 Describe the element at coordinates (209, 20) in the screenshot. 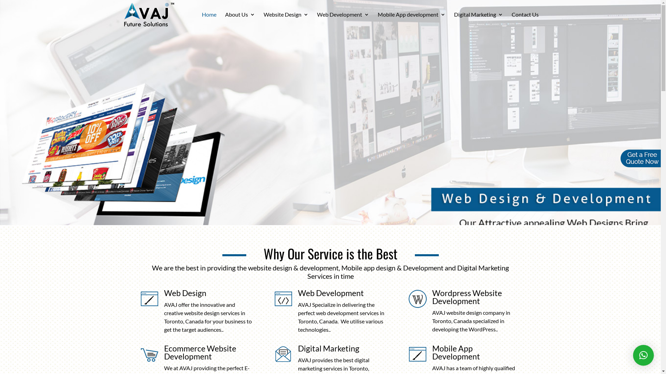

I see `'Home'` at that location.